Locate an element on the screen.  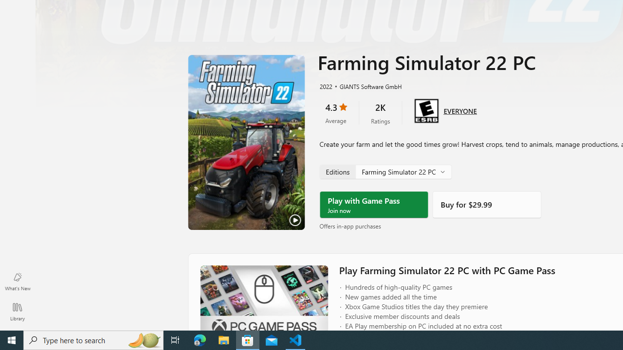
'GIANTS Software GmbH' is located at coordinates (366, 86).